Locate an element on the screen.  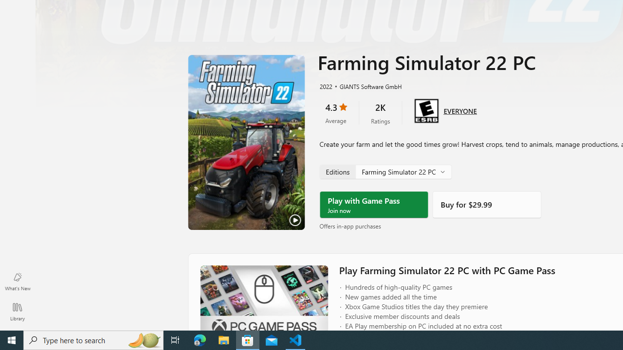
'GIANTS Software GmbH' is located at coordinates (366, 86).